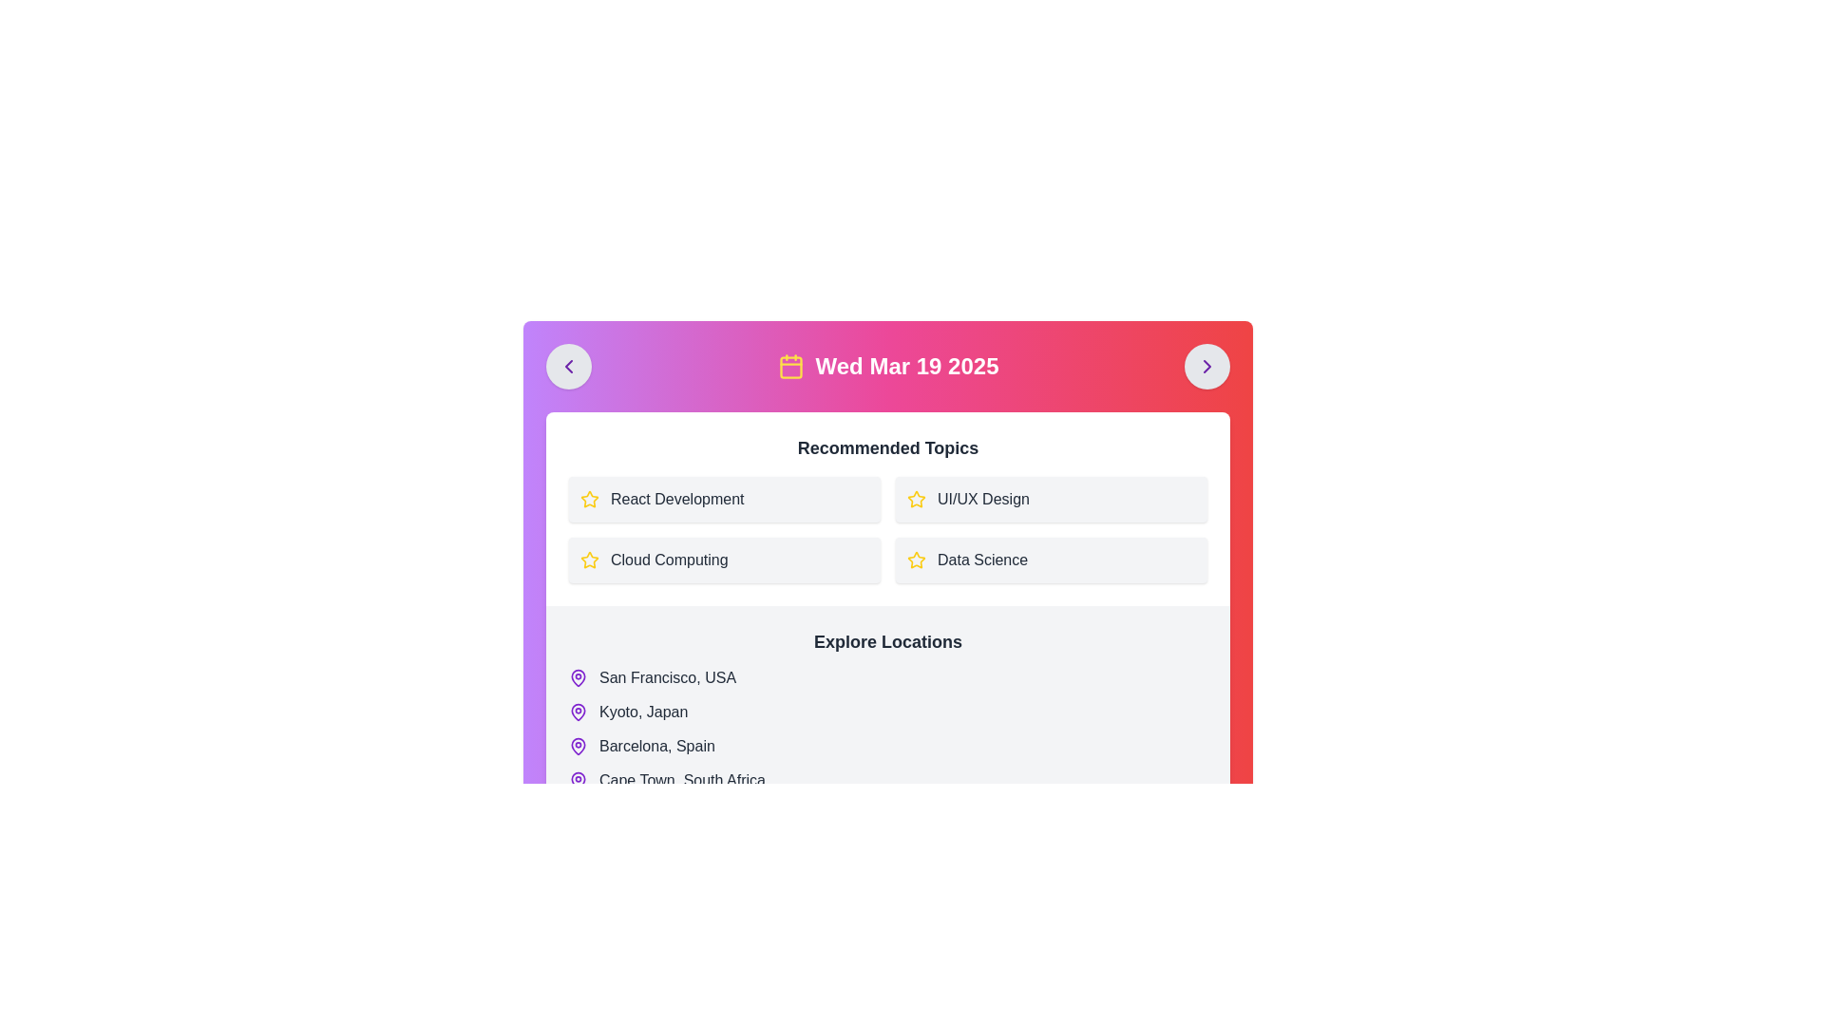  I want to click on the star icon with a yellow outline and transparent fill, which is part of the 'Data Science' recommendation section, located to the left of the text label, so click(916, 560).